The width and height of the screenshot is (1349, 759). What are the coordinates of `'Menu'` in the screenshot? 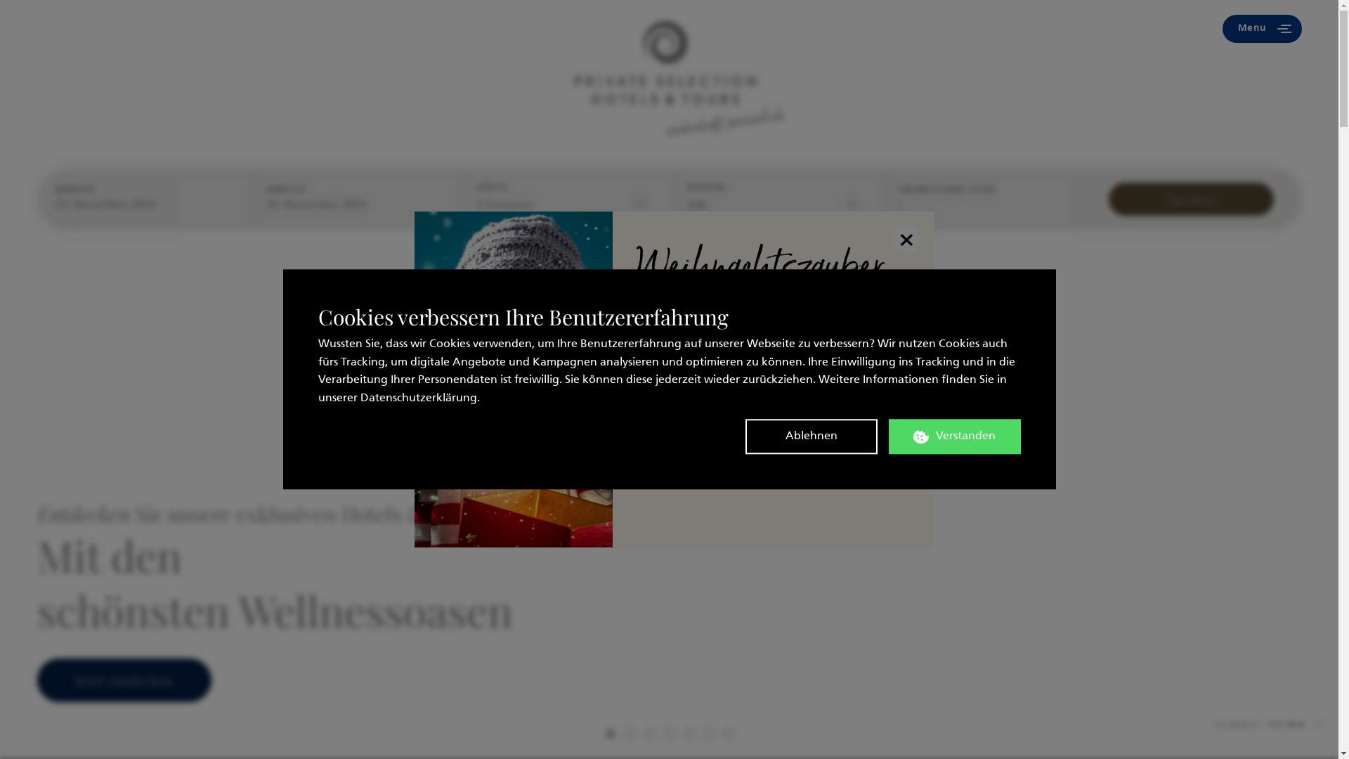 It's located at (1221, 29).